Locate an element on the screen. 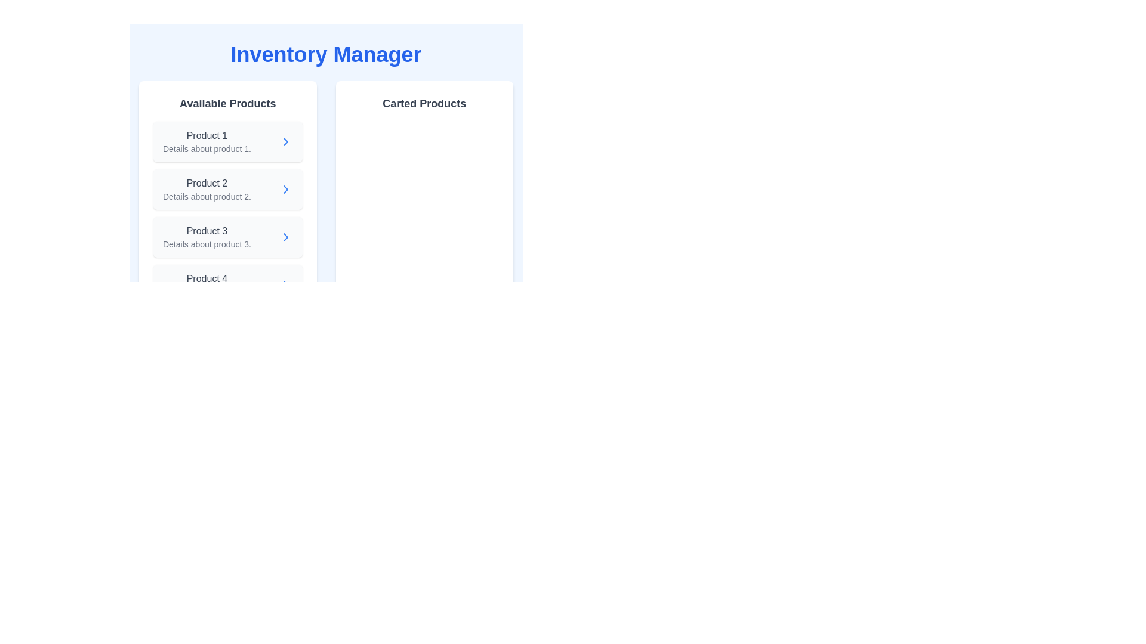 The height and width of the screenshot is (644, 1146). the soft blue rightward-pointing chevron icon associated with 'Product 2' in the 'Available Products' list is located at coordinates (285, 188).